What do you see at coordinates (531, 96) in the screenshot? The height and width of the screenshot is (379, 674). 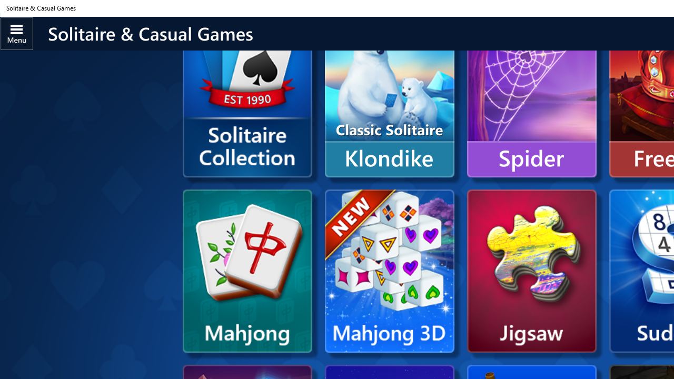 I see `'Spider'` at bounding box center [531, 96].